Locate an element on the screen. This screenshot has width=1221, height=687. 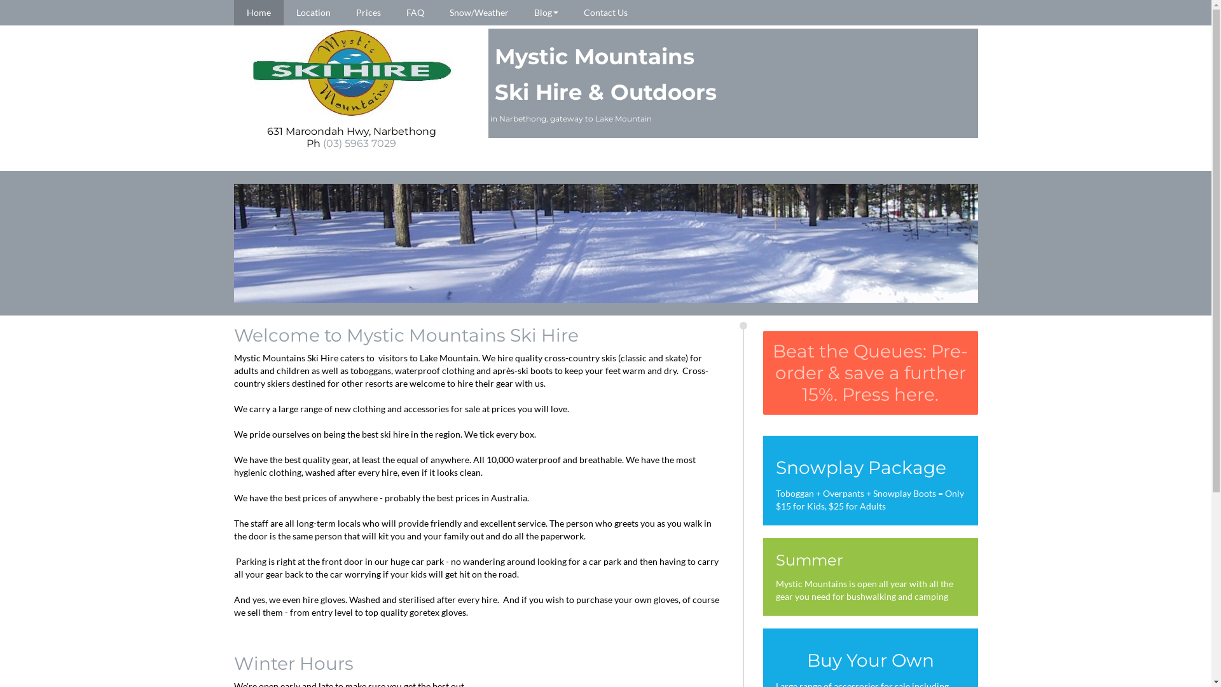
'(03) 5963 7029' is located at coordinates (359, 143).